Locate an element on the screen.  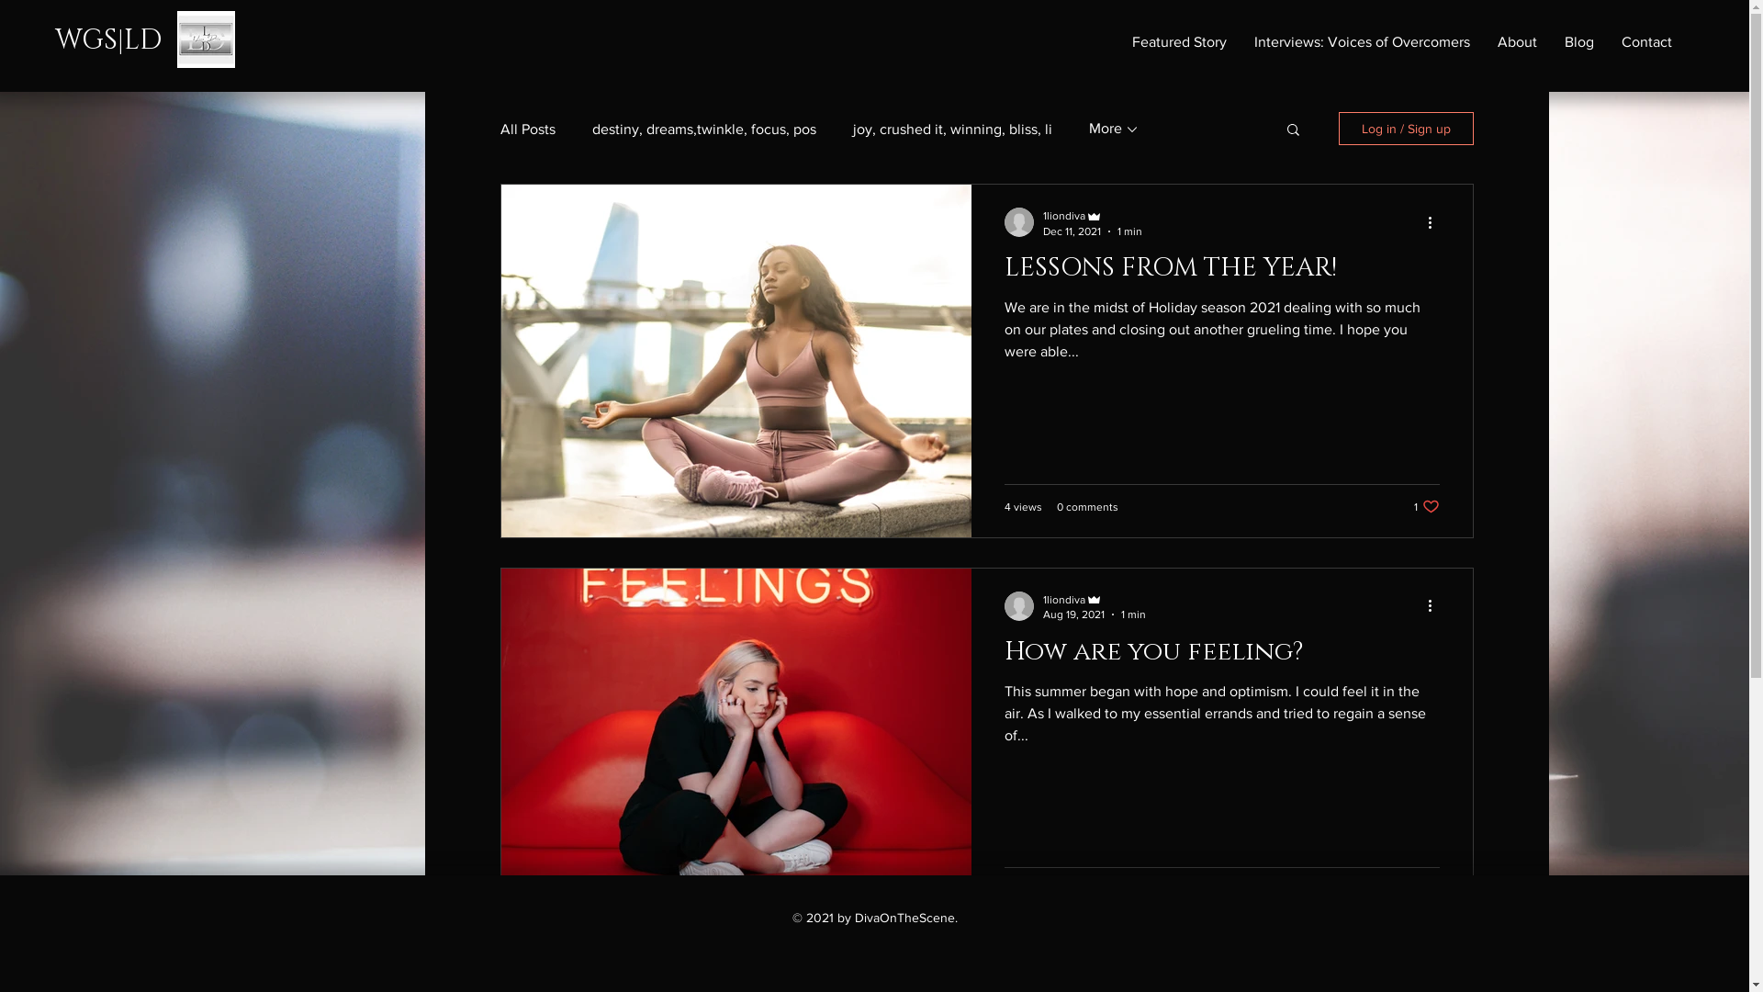
'About' is located at coordinates (1517, 41).